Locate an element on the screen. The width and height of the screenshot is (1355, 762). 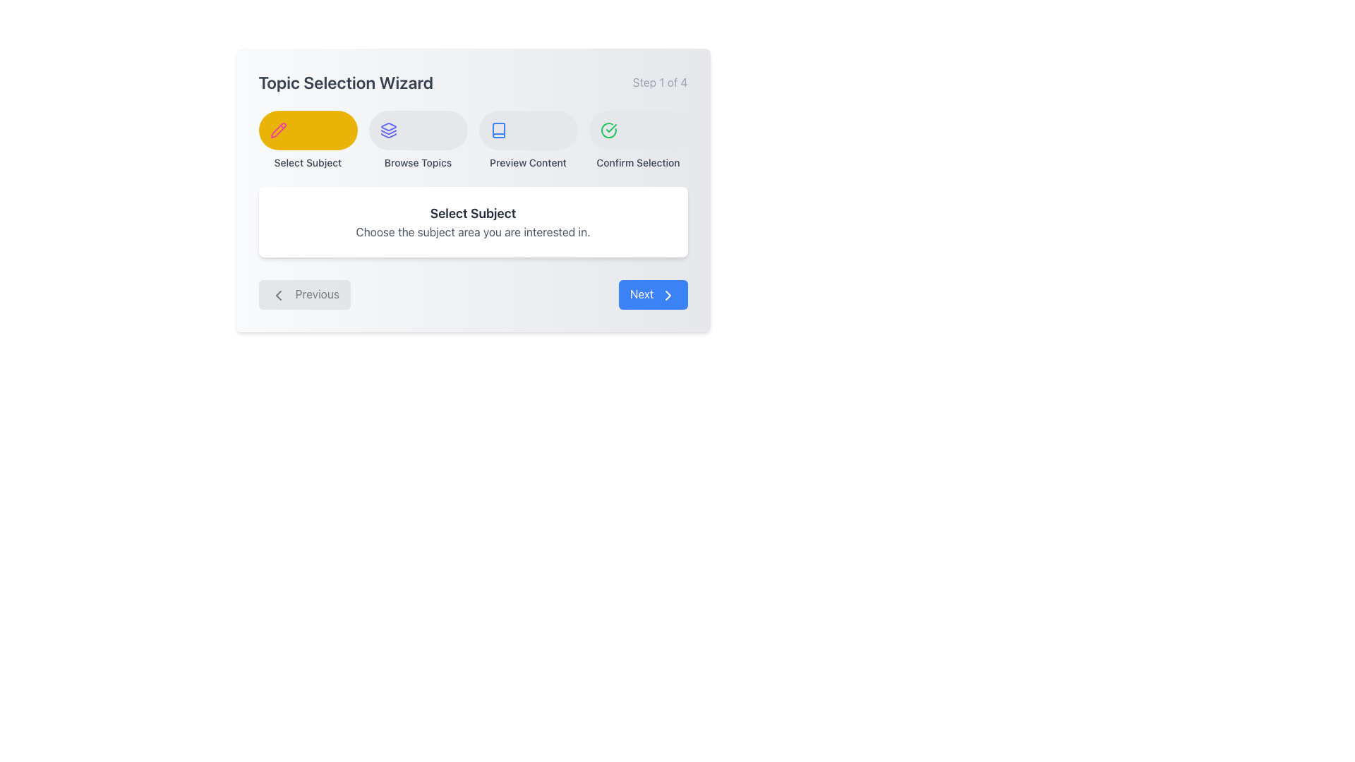
the label that serves as a textual identifier for the confirmation action, located below the rightmost icon in a sequence of four icons at the top of the interface is located at coordinates (637, 162).